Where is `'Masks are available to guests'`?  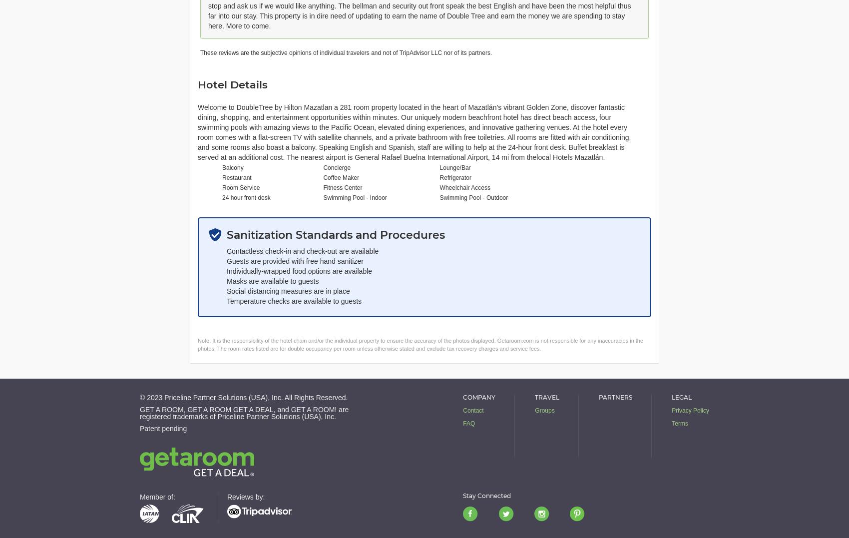 'Masks are available to guests' is located at coordinates (272, 281).